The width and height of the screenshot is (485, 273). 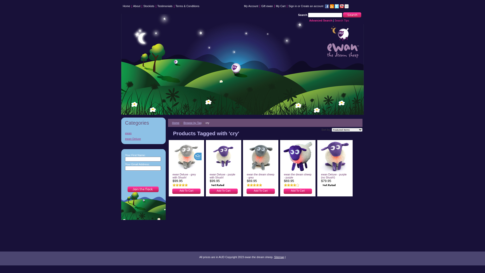 What do you see at coordinates (184, 176) in the screenshot?
I see `'ewan Deluxe - grey with Shush!'` at bounding box center [184, 176].